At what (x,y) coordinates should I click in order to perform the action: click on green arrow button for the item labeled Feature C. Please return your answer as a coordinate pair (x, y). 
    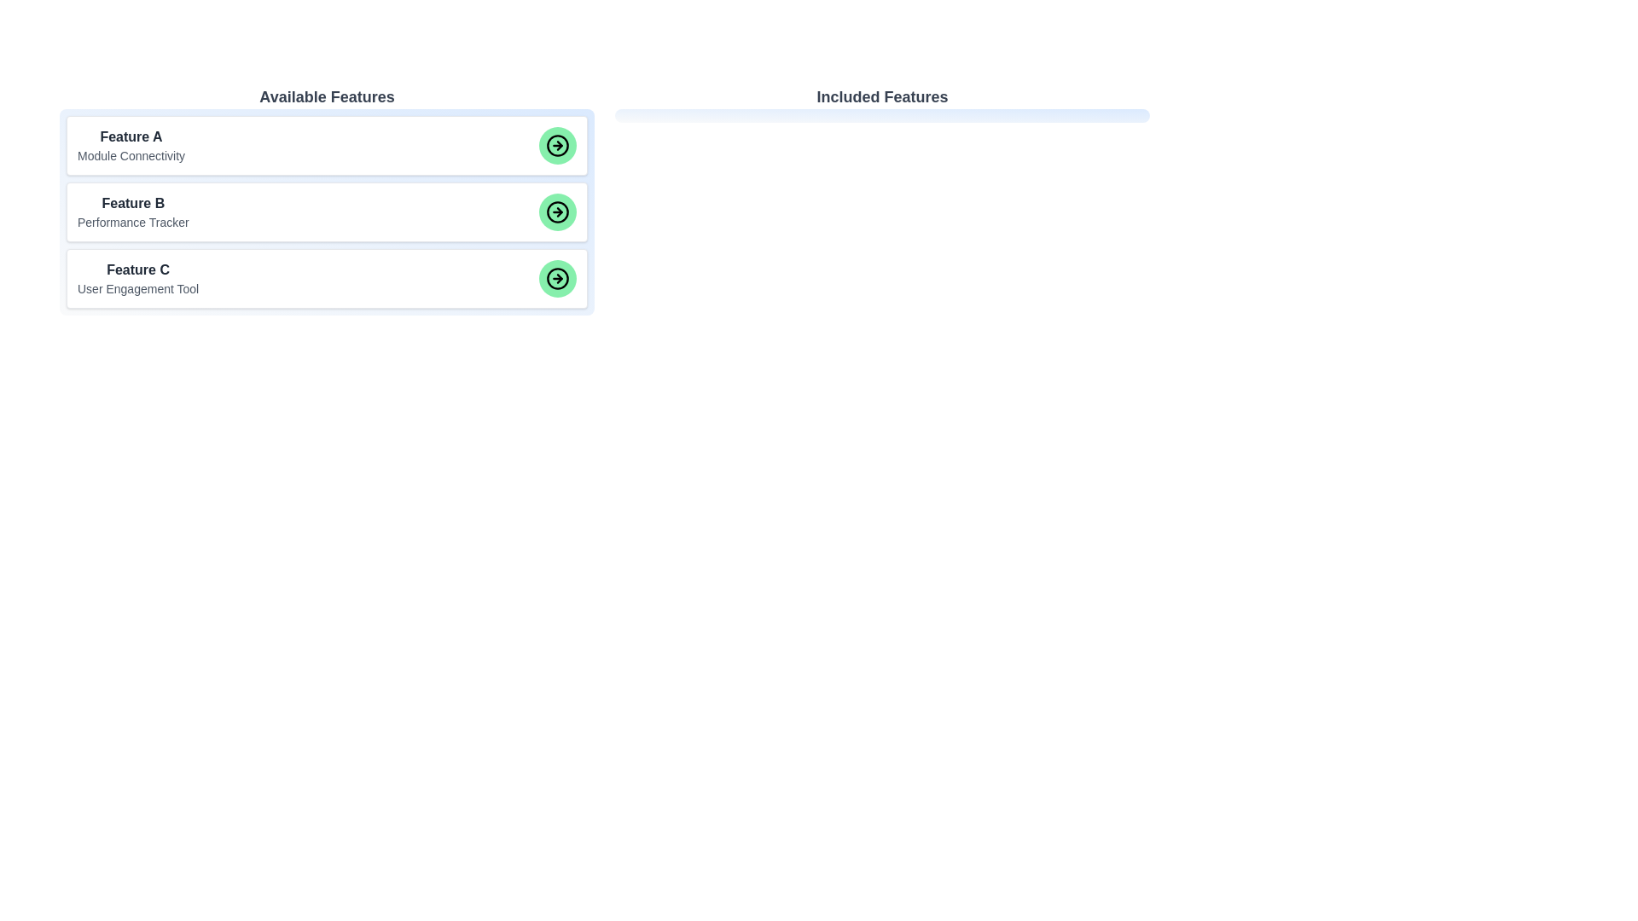
    Looking at the image, I should click on (557, 278).